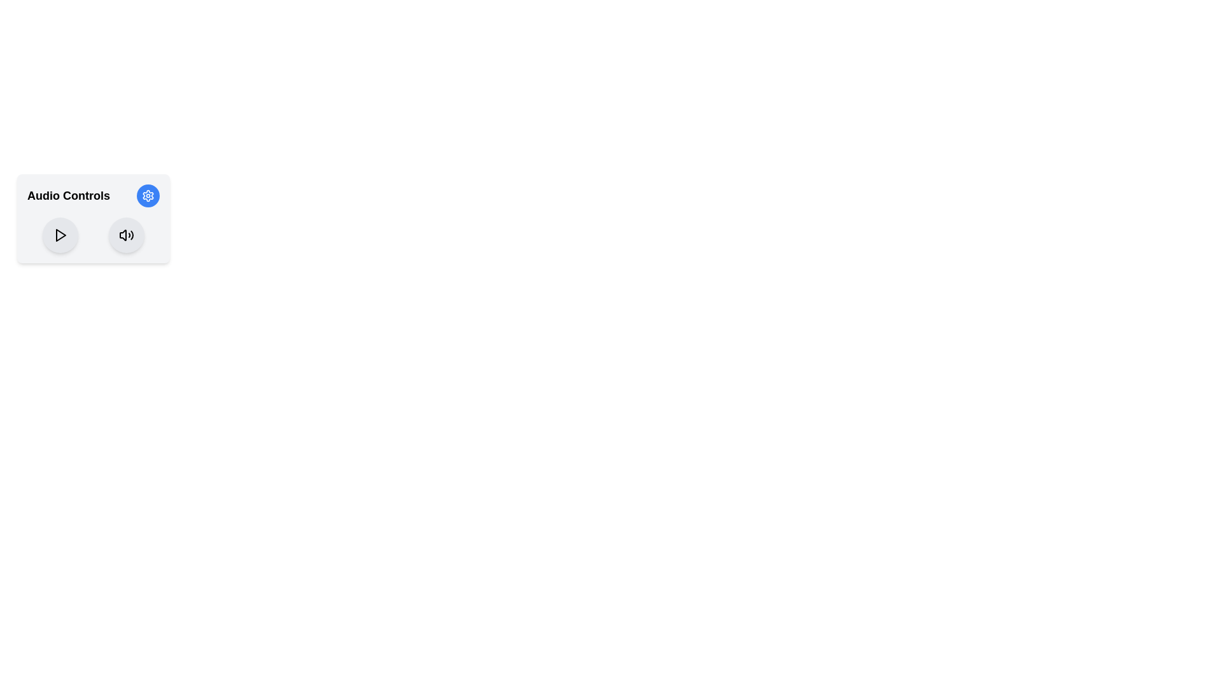  What do you see at coordinates (60, 235) in the screenshot?
I see `the 'Play' SVG icon embedded within the first circular button in the lower left corner of the 'Audio Controls' section` at bounding box center [60, 235].